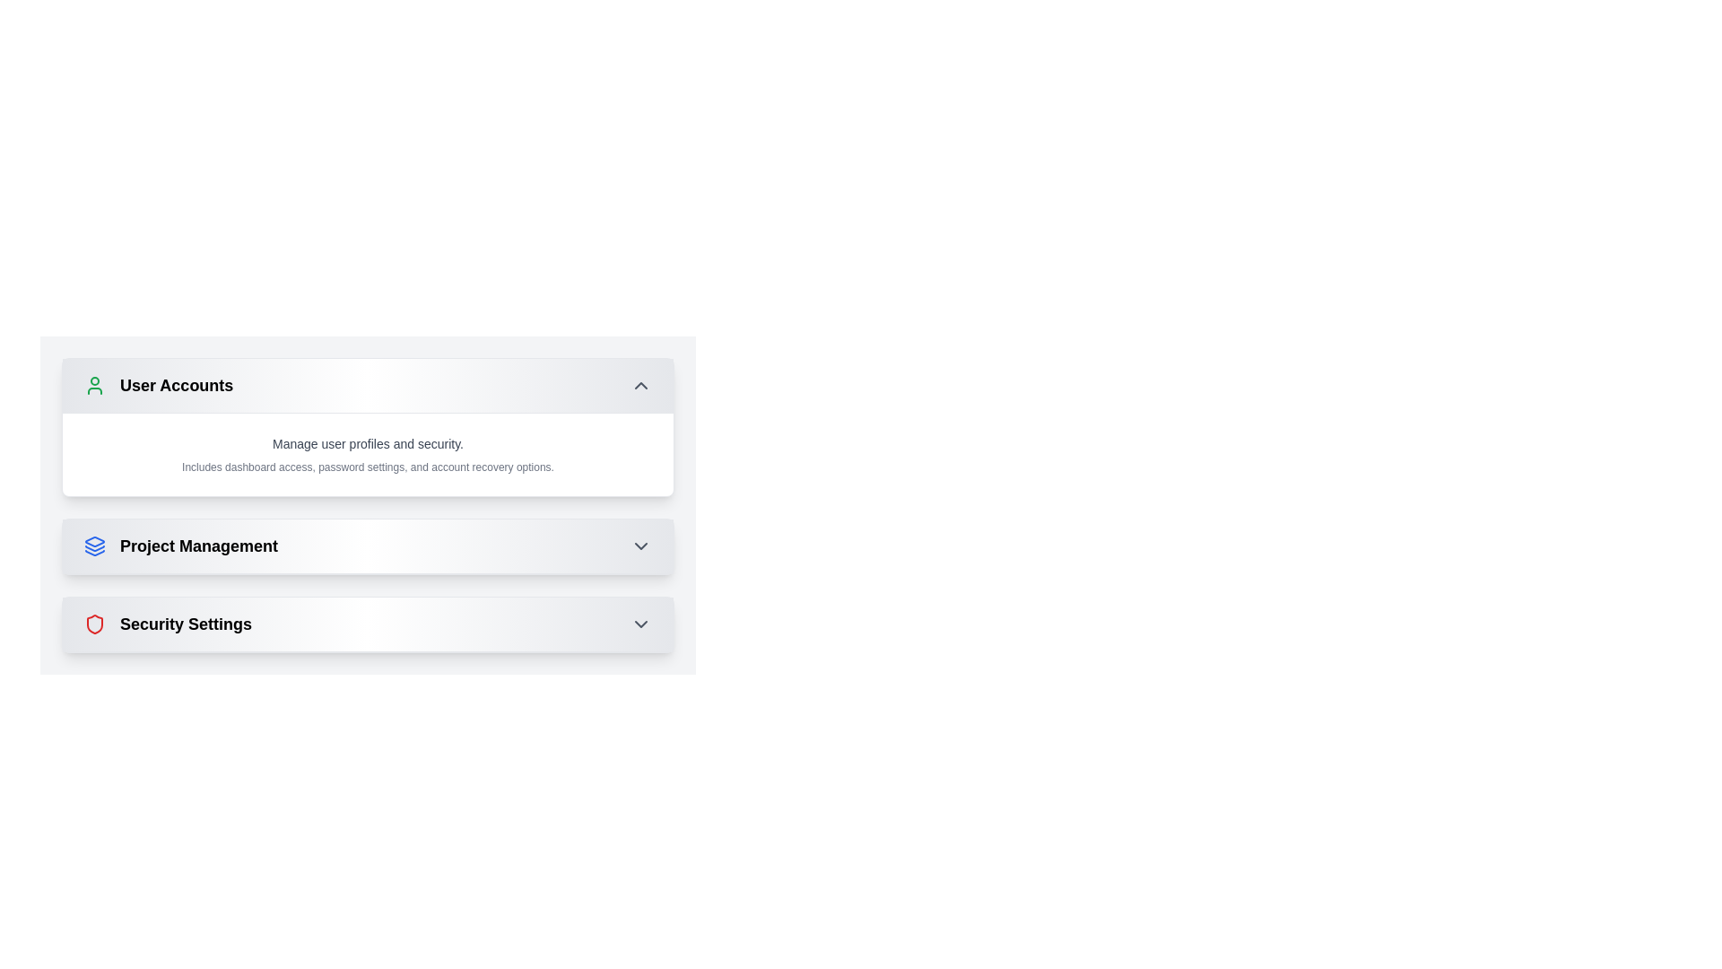 The height and width of the screenshot is (969, 1722). What do you see at coordinates (641, 623) in the screenshot?
I see `the downward-facing gray chevron icon located at the far right of the 'Security Settings' section header` at bounding box center [641, 623].